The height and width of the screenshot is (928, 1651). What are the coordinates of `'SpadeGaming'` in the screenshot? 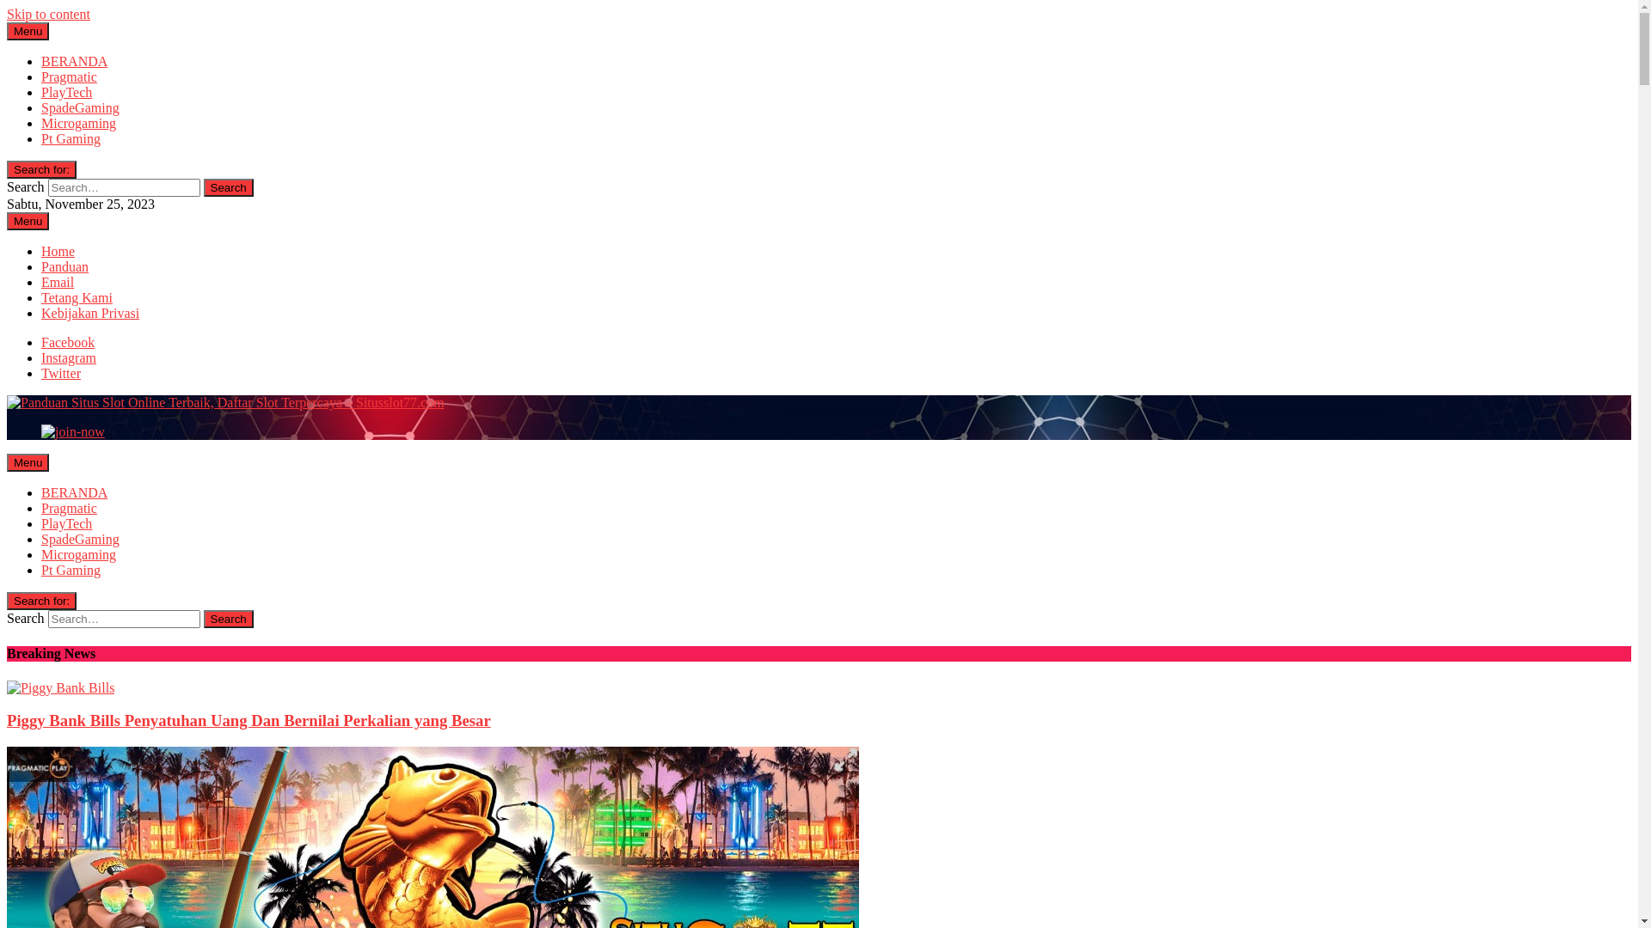 It's located at (79, 538).